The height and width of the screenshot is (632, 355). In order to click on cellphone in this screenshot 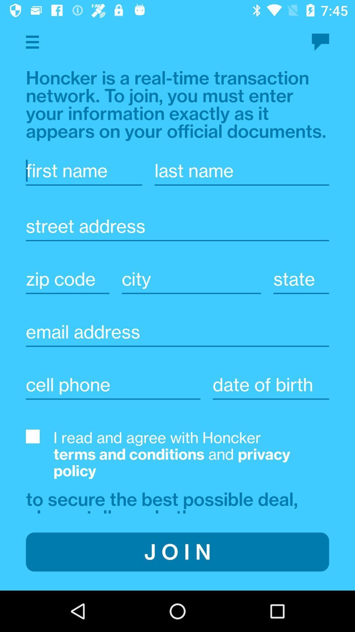, I will do `click(113, 384)`.